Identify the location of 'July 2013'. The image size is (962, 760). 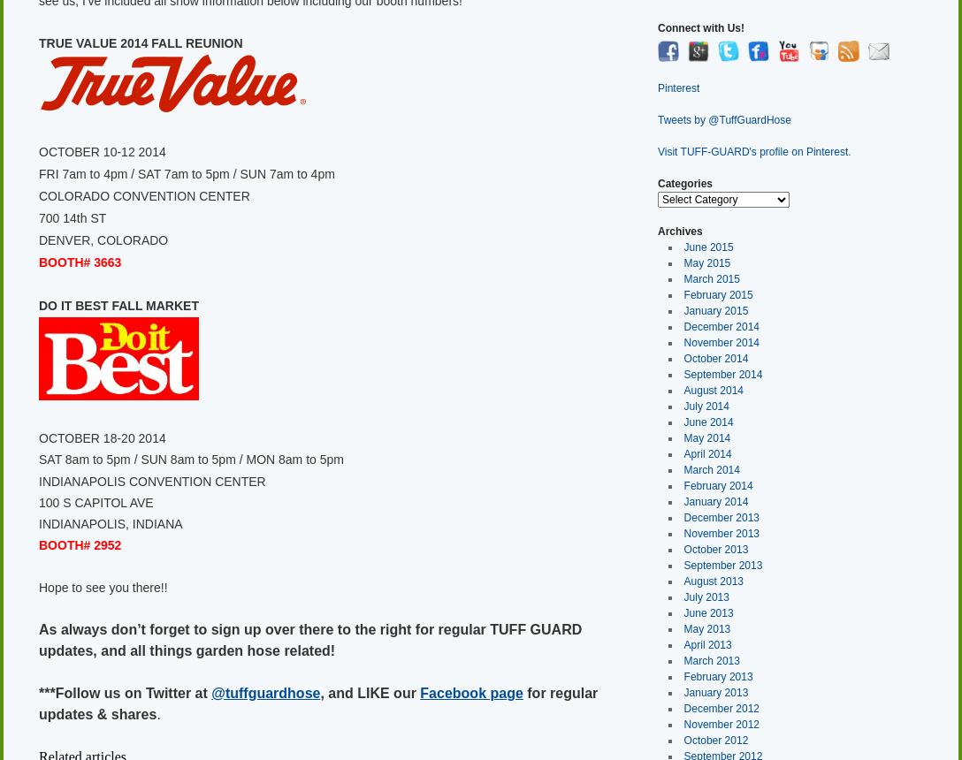
(705, 597).